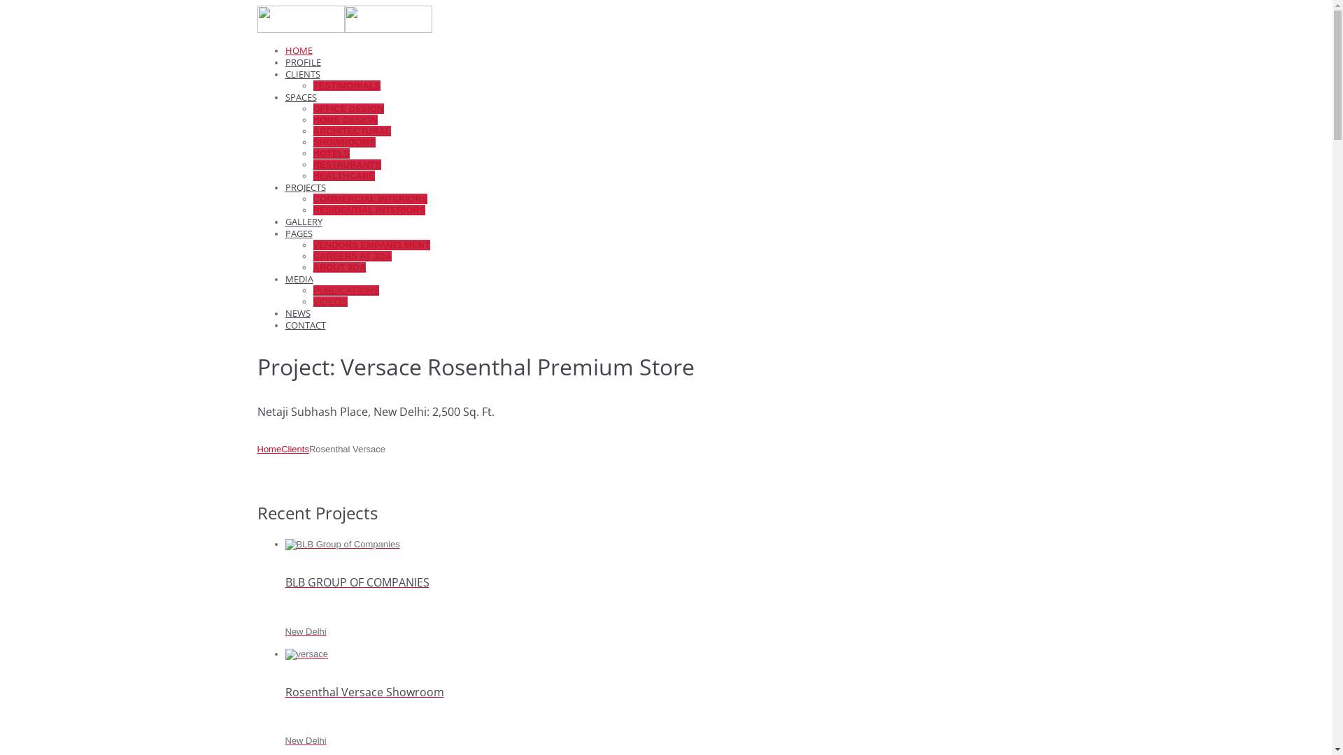 The image size is (1343, 755). Describe the element at coordinates (312, 199) in the screenshot. I see `'COMMERCIAL INTERIORS'` at that location.